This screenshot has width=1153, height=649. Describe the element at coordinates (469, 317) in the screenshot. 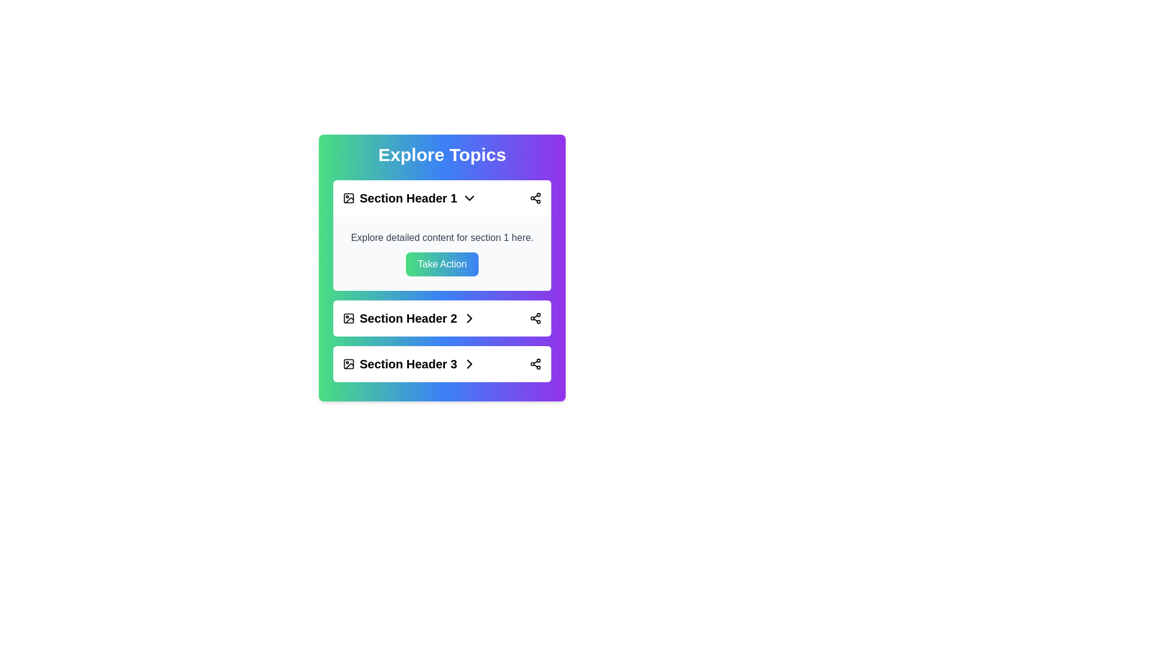

I see `the chevron-right icon next to 'Section Header 2'` at that location.